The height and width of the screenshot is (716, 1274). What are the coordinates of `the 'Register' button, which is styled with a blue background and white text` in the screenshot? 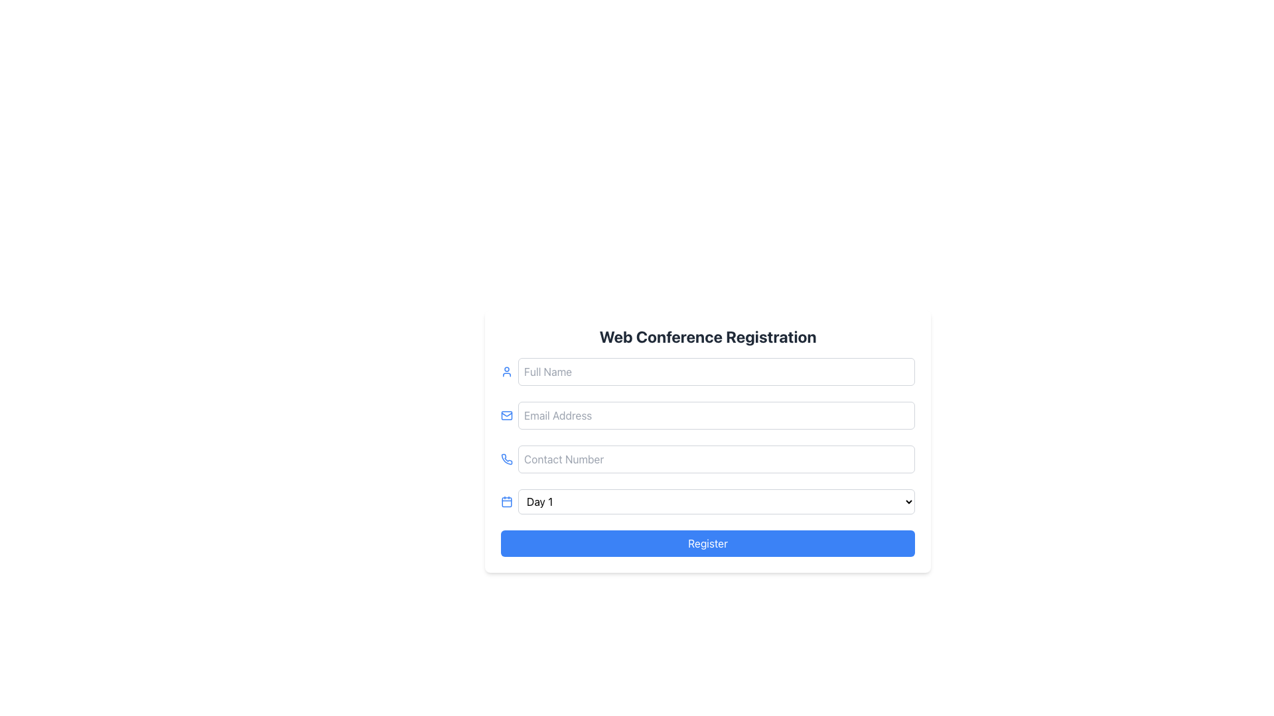 It's located at (707, 544).